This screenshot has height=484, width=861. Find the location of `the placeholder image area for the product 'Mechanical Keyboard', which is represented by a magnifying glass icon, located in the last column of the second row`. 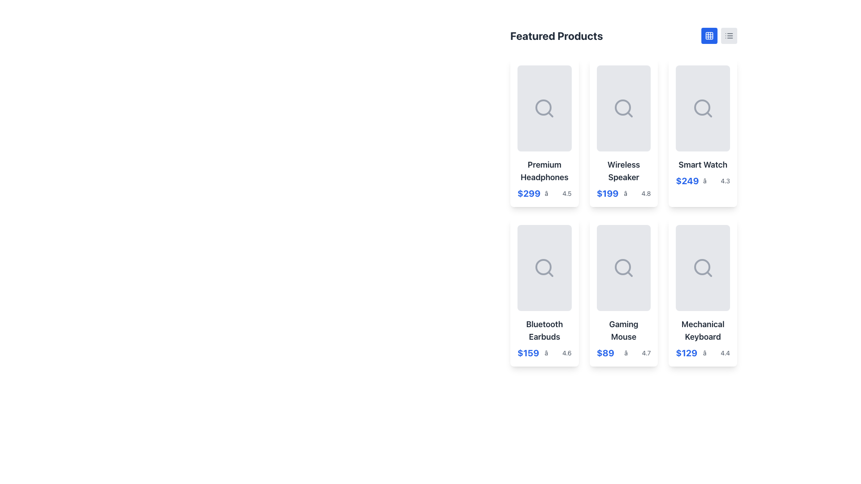

the placeholder image area for the product 'Mechanical Keyboard', which is represented by a magnifying glass icon, located in the last column of the second row is located at coordinates (702, 267).